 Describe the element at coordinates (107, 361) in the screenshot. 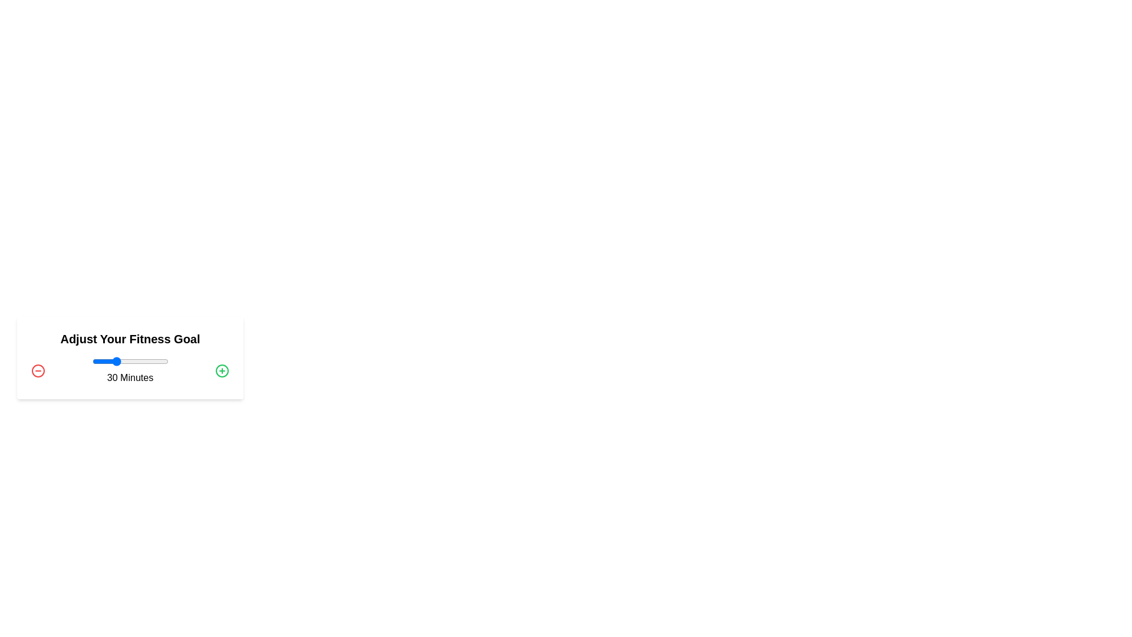

I see `the slider` at that location.